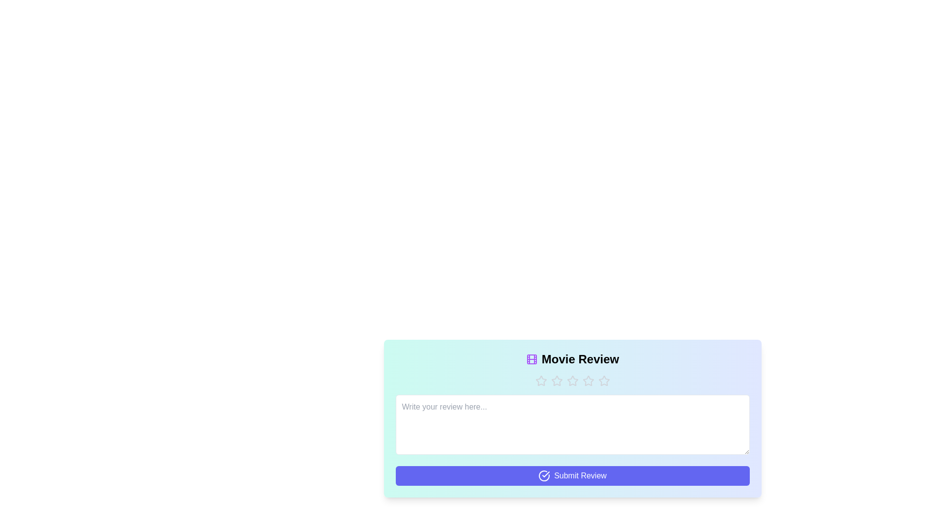  What do you see at coordinates (572, 475) in the screenshot?
I see `'Submit Review' button to submit the review` at bounding box center [572, 475].